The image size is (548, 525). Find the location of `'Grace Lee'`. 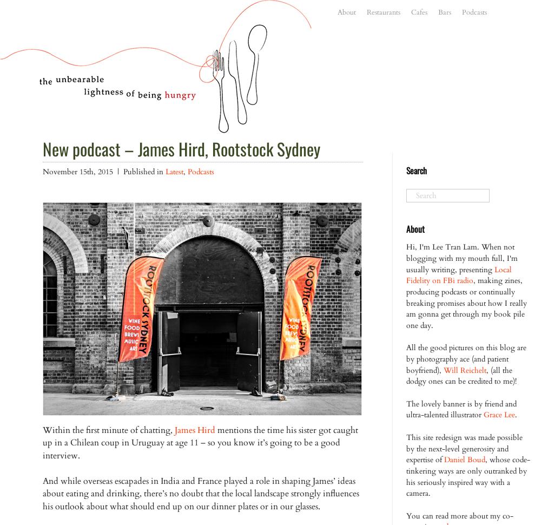

'Grace Lee' is located at coordinates (499, 414).